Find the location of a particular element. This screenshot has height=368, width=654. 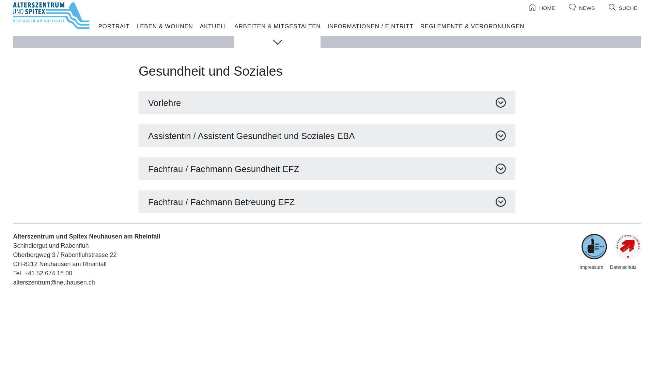

'NEWS' is located at coordinates (581, 7).